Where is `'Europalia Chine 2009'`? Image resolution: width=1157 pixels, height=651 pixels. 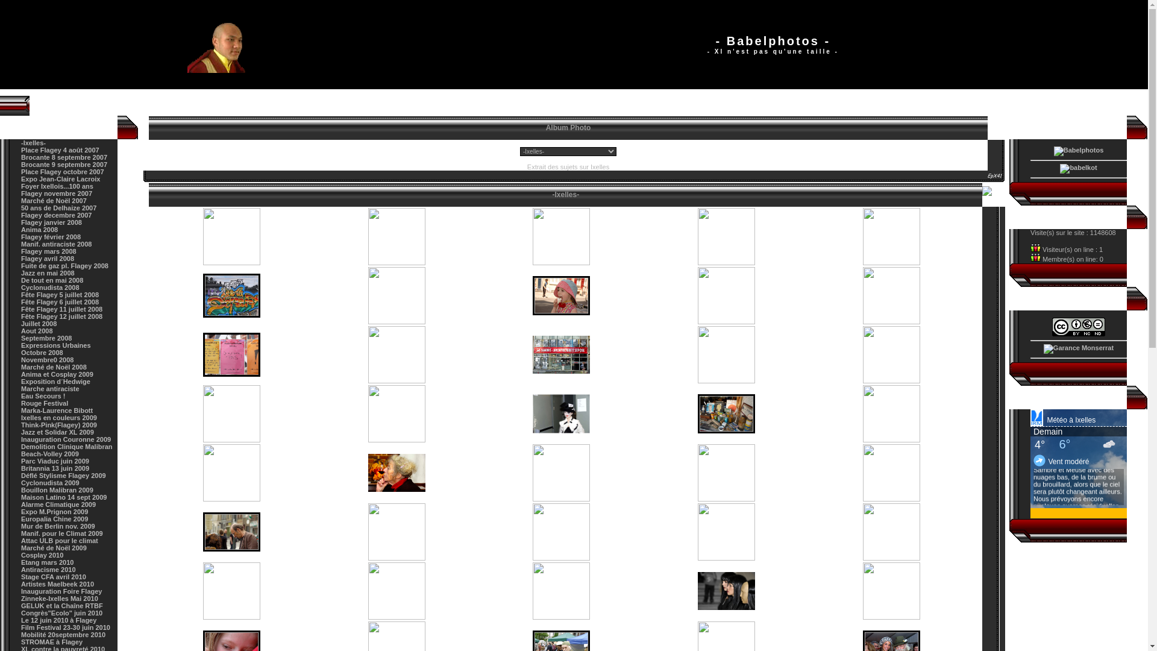
'Europalia Chine 2009' is located at coordinates (54, 518).